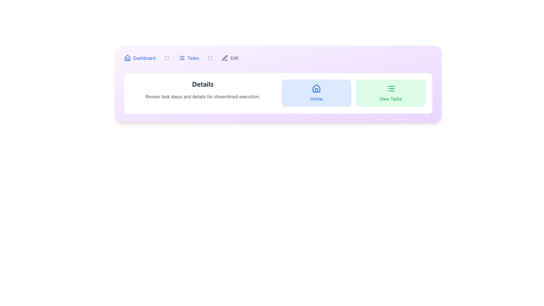 This screenshot has height=306, width=544. Describe the element at coordinates (316, 88) in the screenshot. I see `the 'Home' icon, which is styled with a blue outline and located within a blue rectangle to the left of the 'View Tasks' green rectangle` at that location.